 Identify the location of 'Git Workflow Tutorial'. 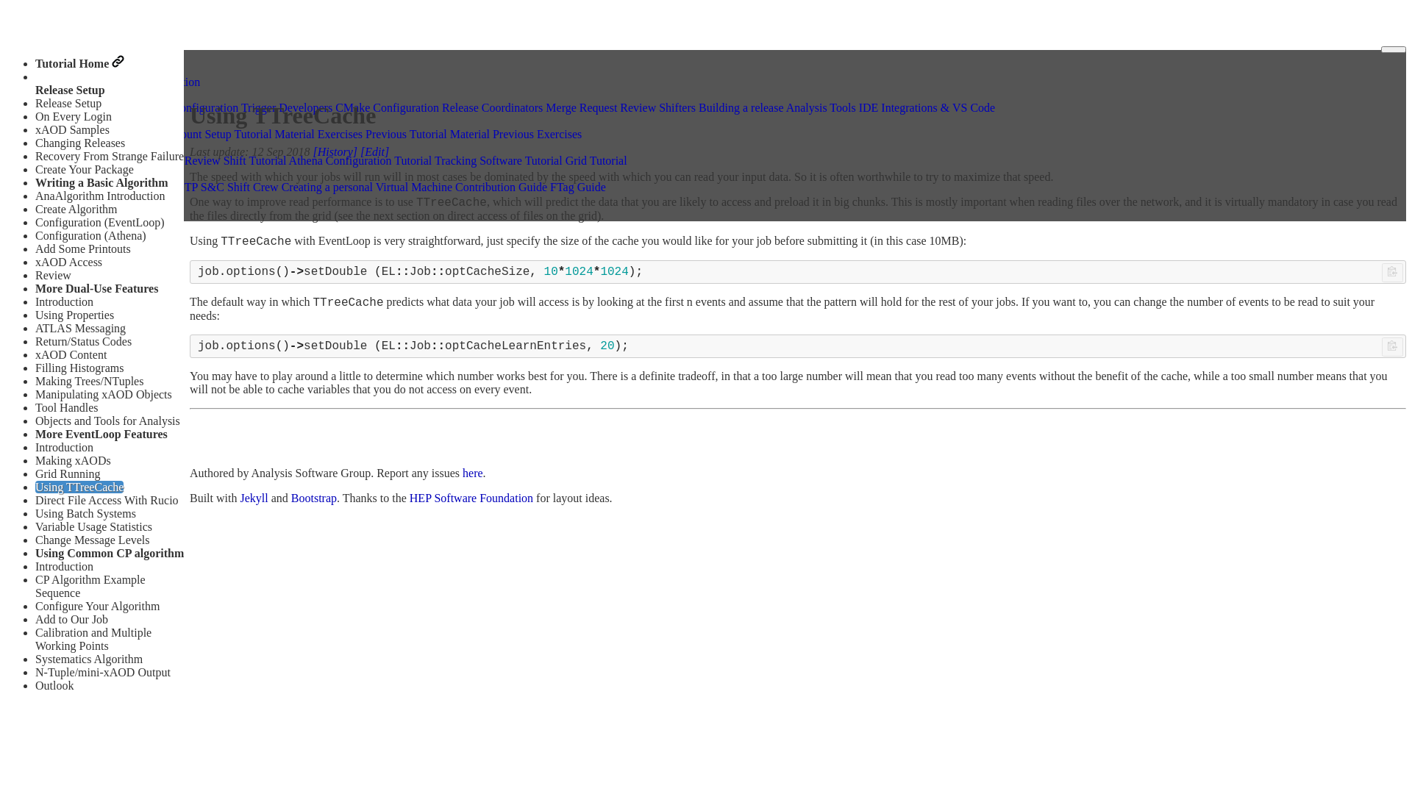
(94, 160).